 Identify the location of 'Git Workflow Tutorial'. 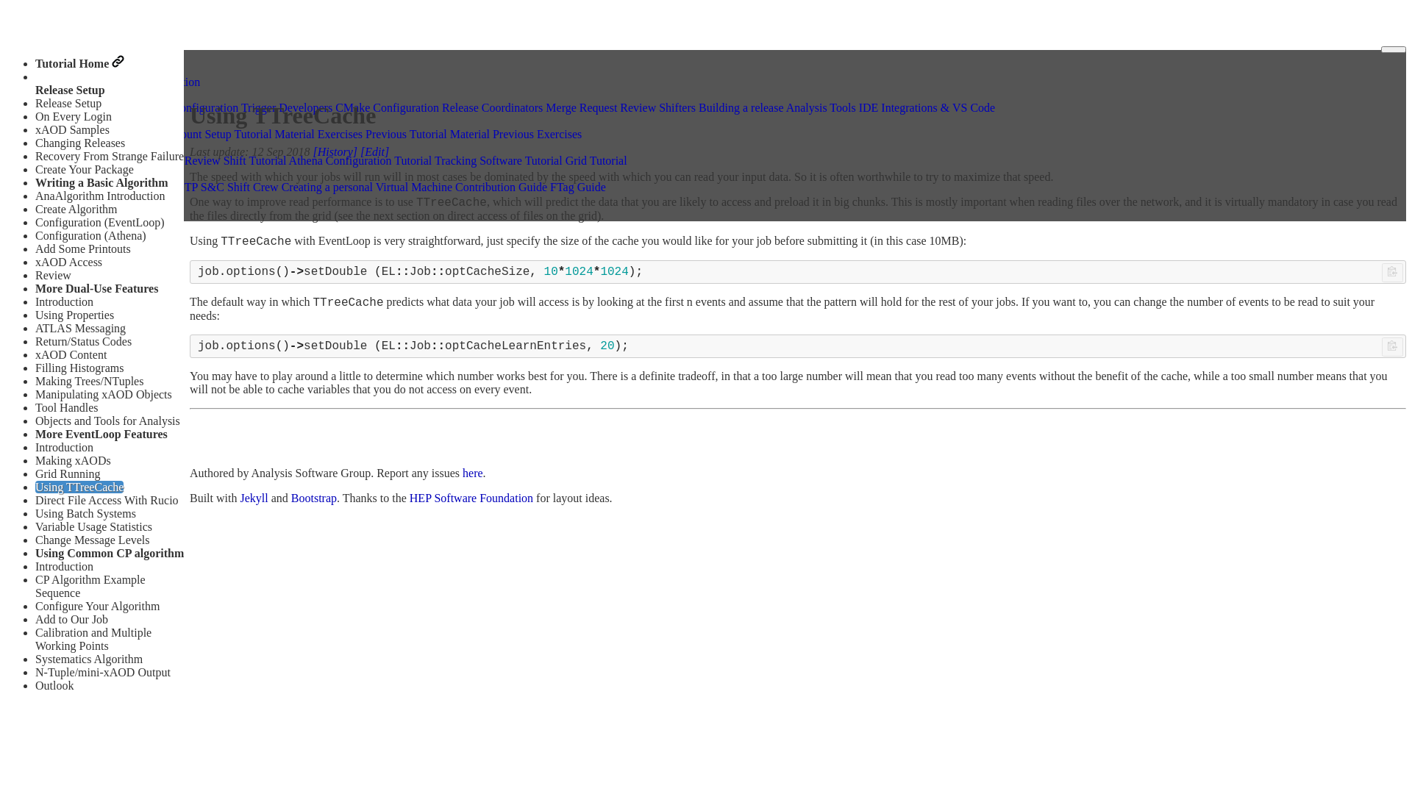
(94, 160).